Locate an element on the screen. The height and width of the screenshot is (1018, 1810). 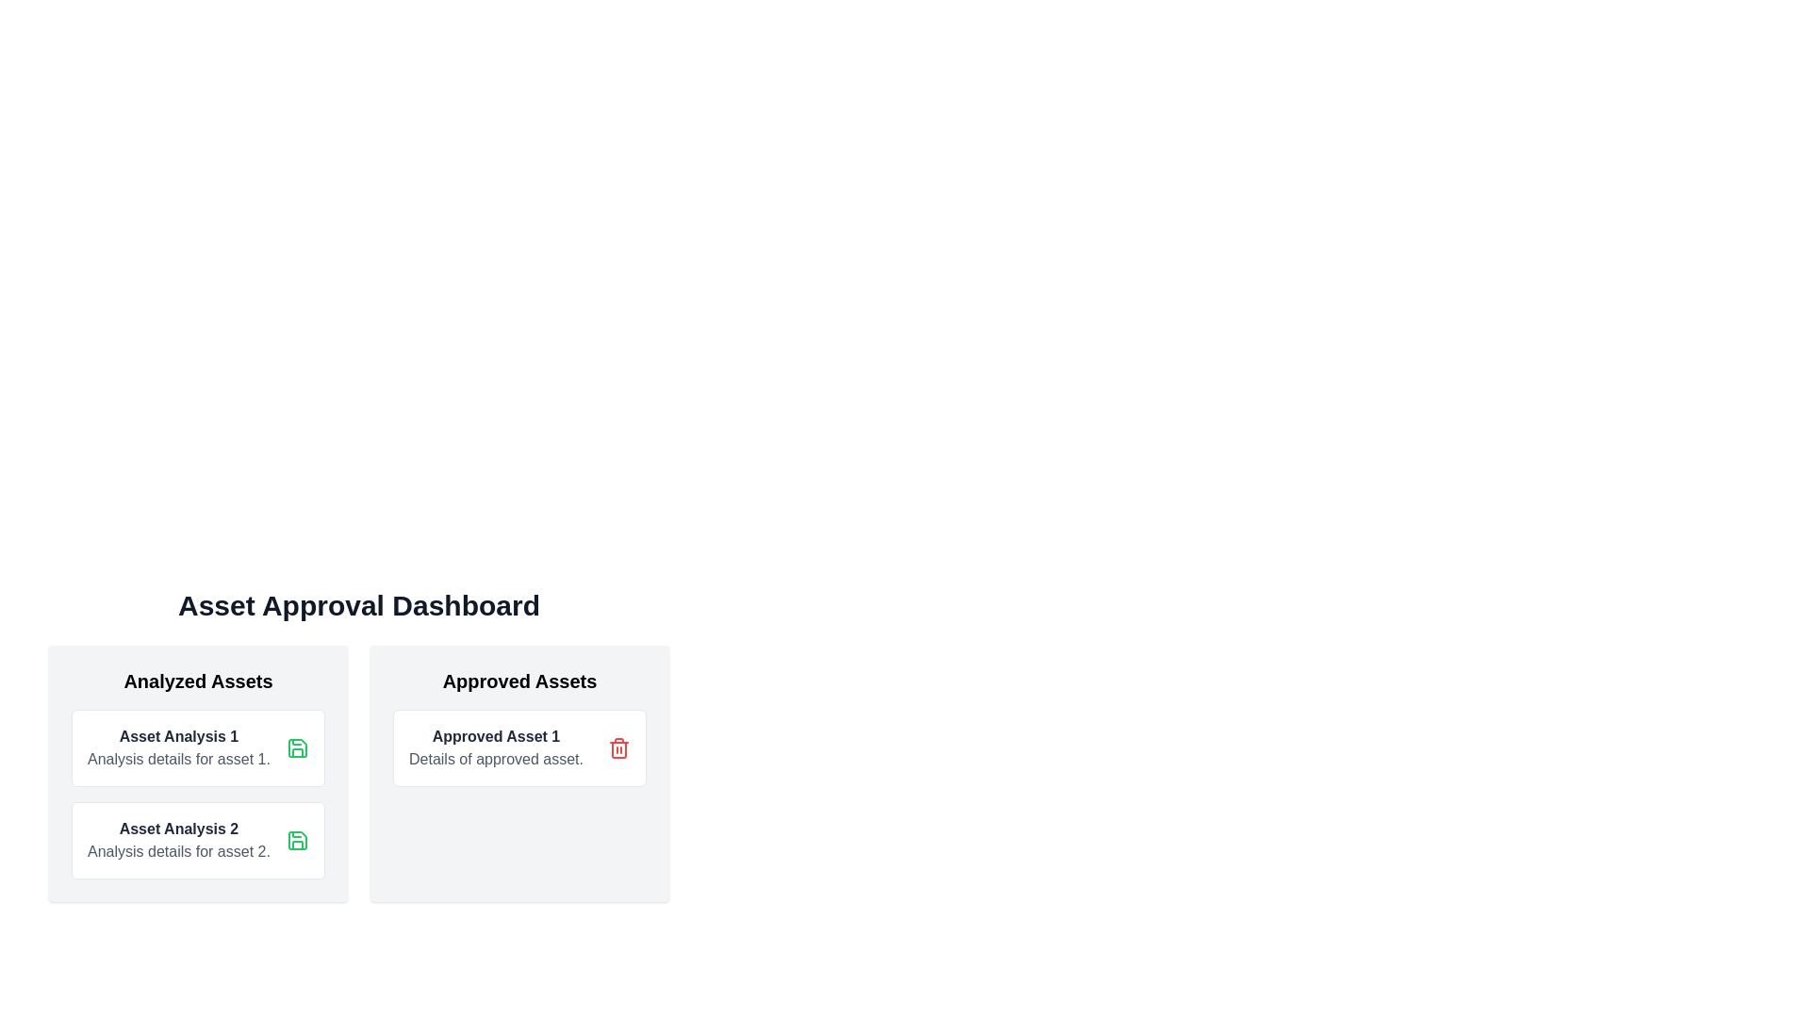
the Label/Text Header for 'Asset Analysis 2' located in the 'Analyzed Assets' section of the 'Asset Approval Dashboard.' is located at coordinates (178, 828).